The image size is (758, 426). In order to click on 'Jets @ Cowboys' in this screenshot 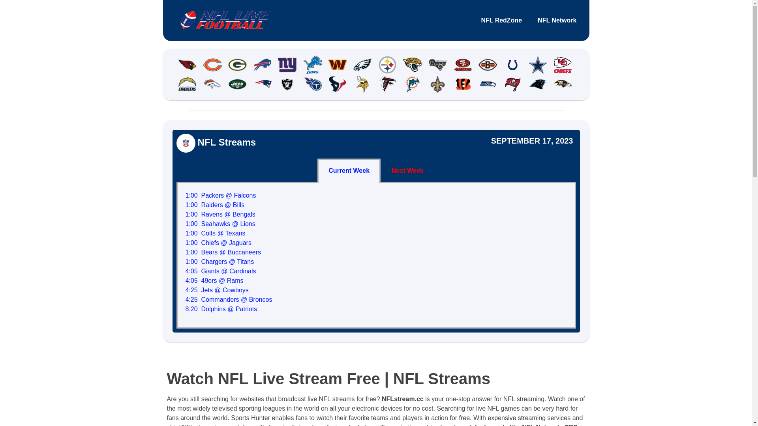, I will do `click(225, 290)`.